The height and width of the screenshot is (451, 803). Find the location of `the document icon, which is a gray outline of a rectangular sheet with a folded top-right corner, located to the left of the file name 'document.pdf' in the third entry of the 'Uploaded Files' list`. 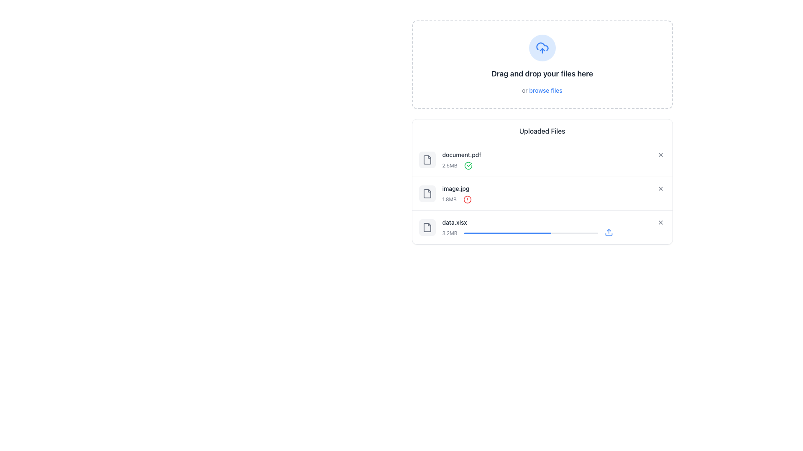

the document icon, which is a gray outline of a rectangular sheet with a folded top-right corner, located to the left of the file name 'document.pdf' in the third entry of the 'Uploaded Files' list is located at coordinates (427, 160).